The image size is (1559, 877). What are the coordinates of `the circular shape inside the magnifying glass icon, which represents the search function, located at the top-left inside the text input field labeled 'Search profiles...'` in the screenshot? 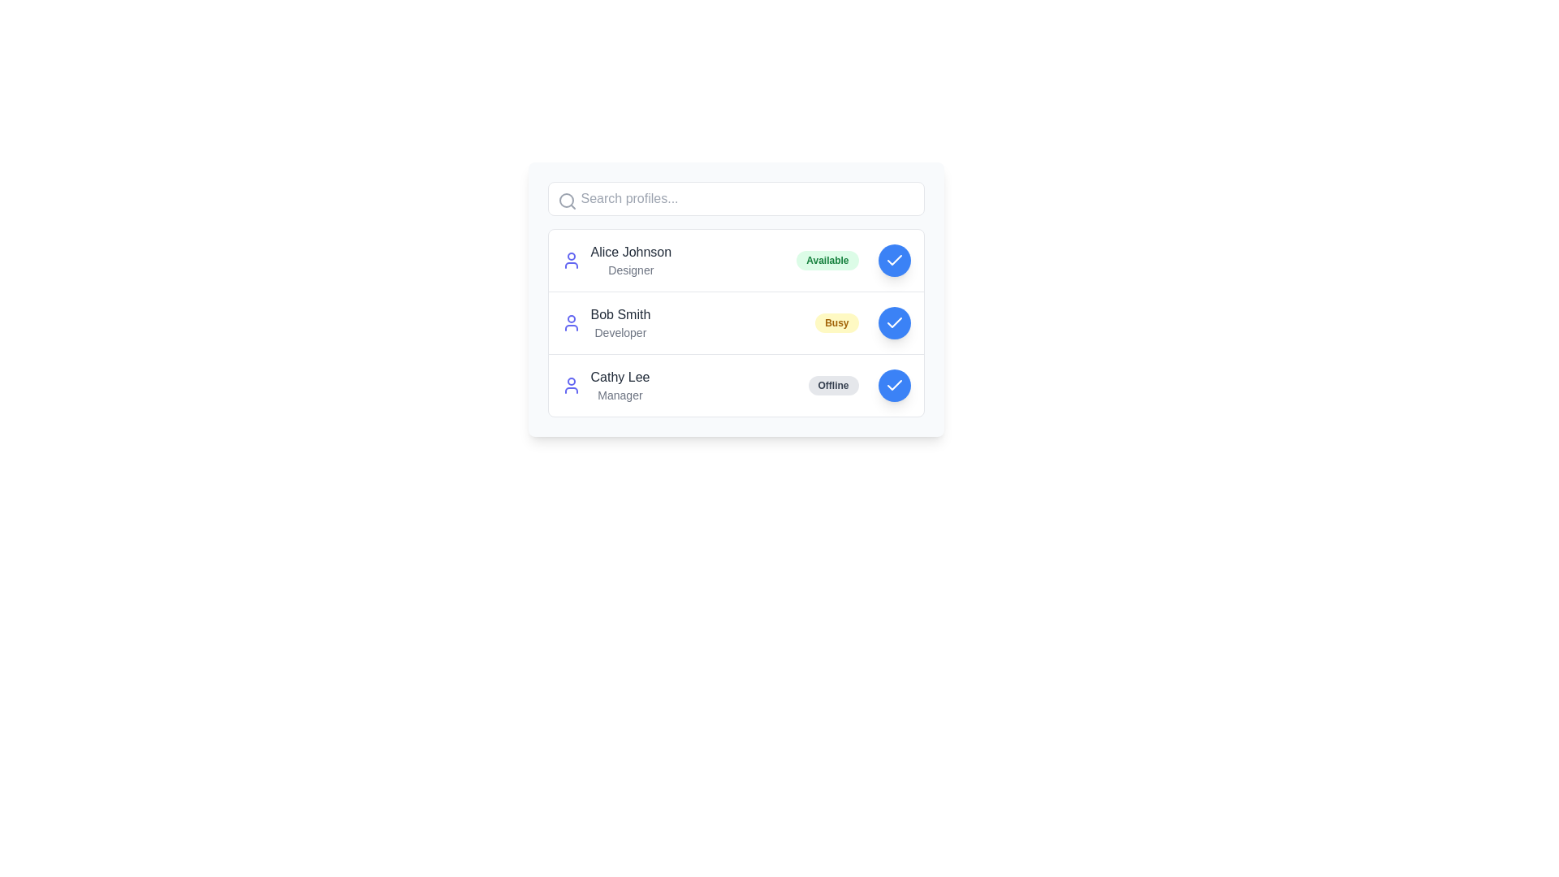 It's located at (566, 199).